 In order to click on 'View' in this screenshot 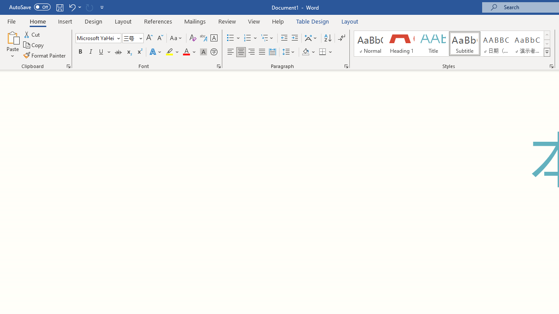, I will do `click(254, 21)`.